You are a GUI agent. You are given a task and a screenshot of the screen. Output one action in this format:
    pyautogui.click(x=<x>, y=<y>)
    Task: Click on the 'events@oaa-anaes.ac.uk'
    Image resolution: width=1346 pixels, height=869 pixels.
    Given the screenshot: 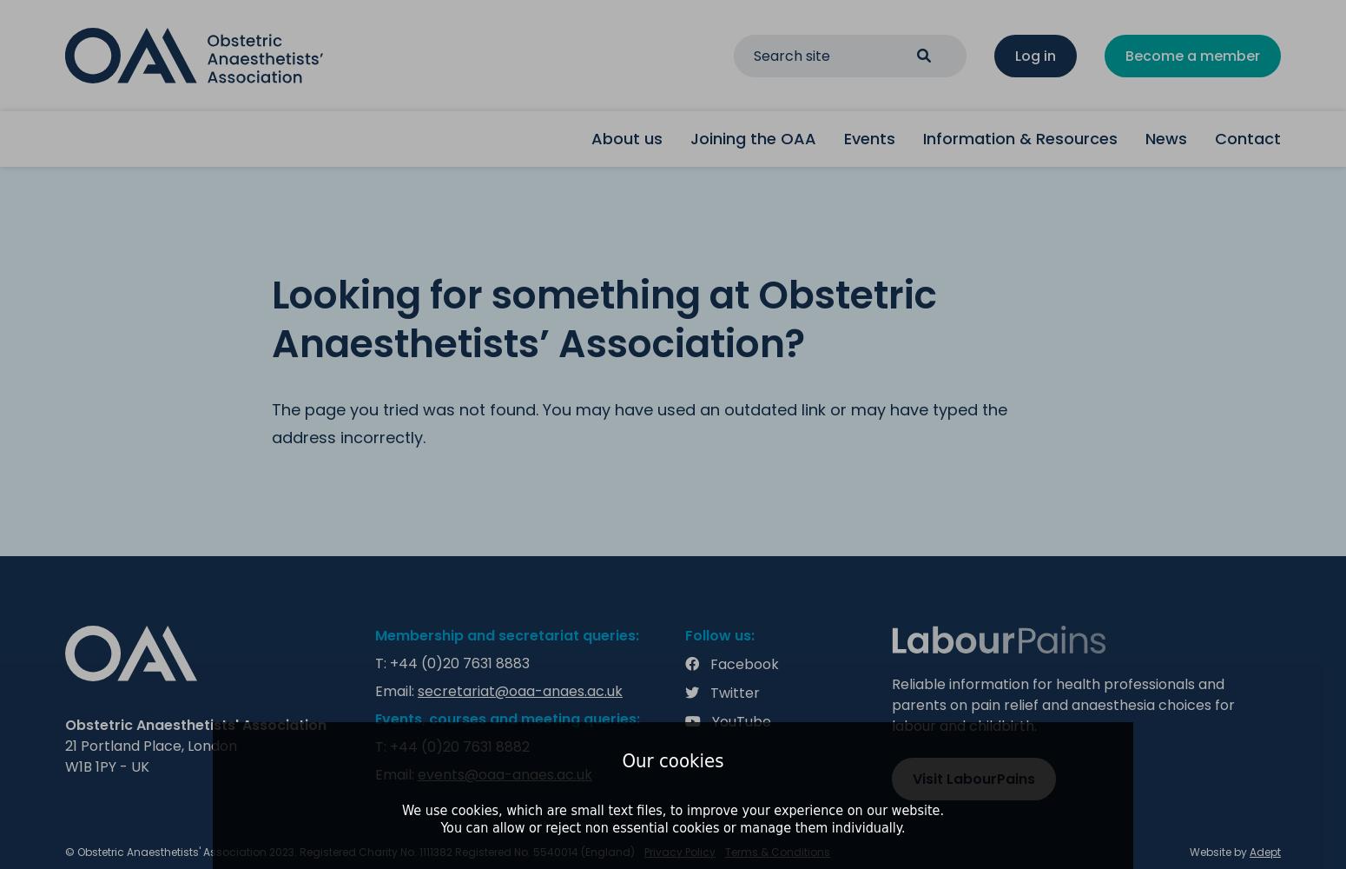 What is the action you would take?
    pyautogui.click(x=505, y=774)
    